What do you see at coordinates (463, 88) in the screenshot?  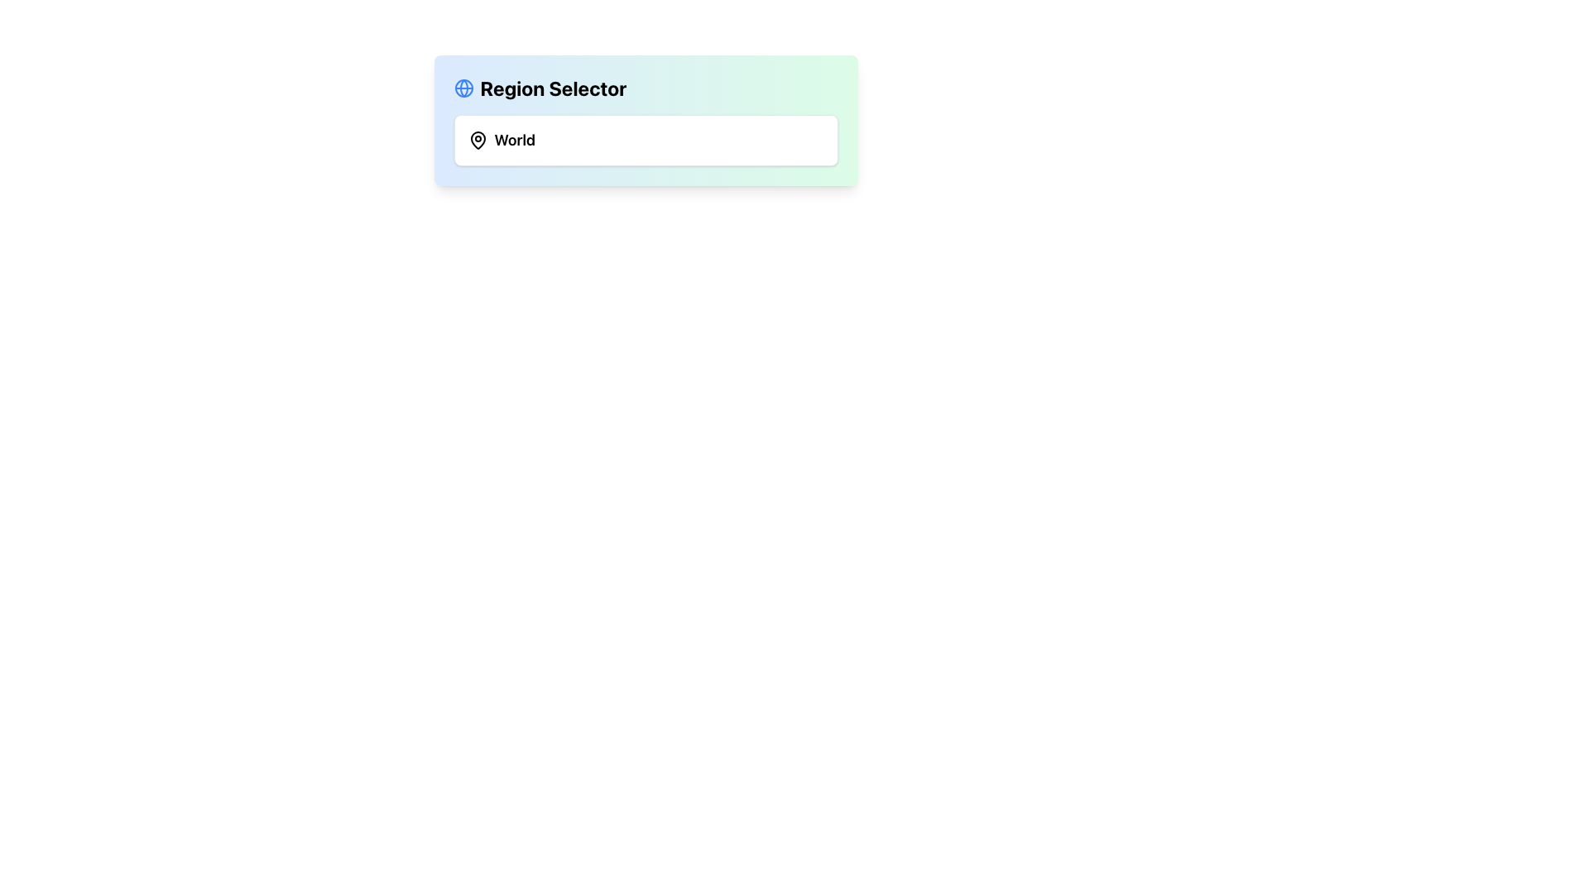 I see `the blue globe icon representing a global concept, located at the leftmost end of the 'Region Selector' title bar` at bounding box center [463, 88].